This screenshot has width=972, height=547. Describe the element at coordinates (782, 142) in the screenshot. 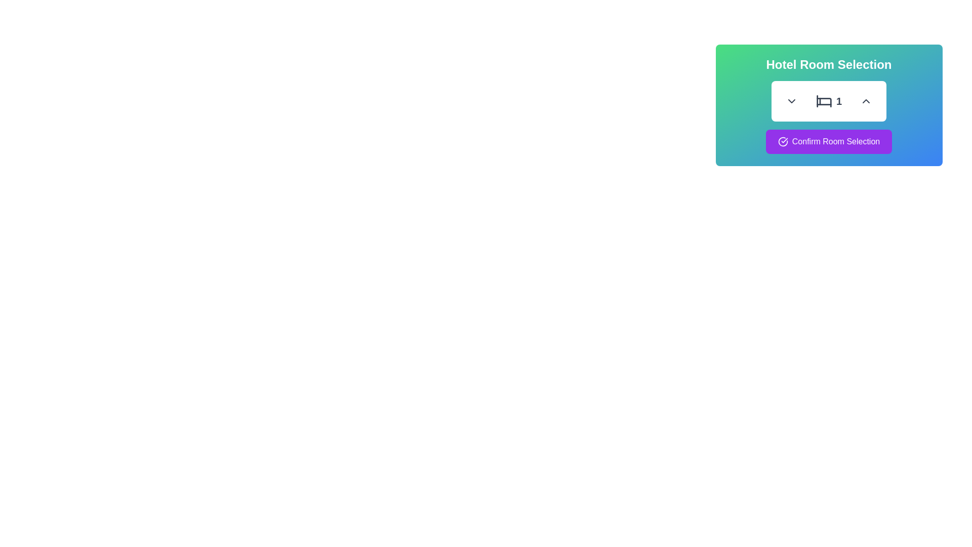

I see `the circular purple and white checkmark icon located to the left of the 'Confirm Room Selection' text within the purple button at the bottom of the card` at that location.